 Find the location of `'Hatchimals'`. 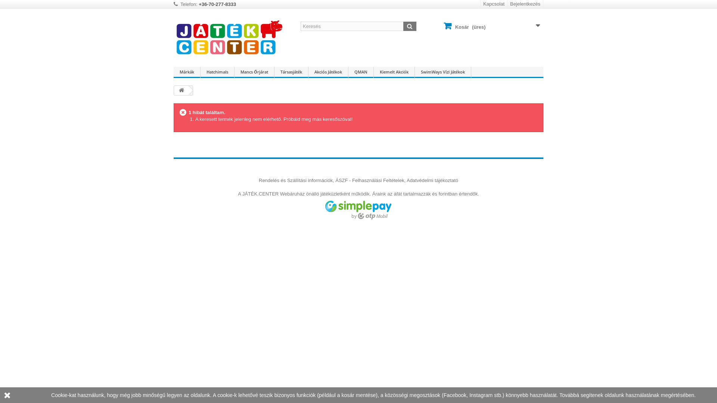

'Hatchimals' is located at coordinates (217, 72).